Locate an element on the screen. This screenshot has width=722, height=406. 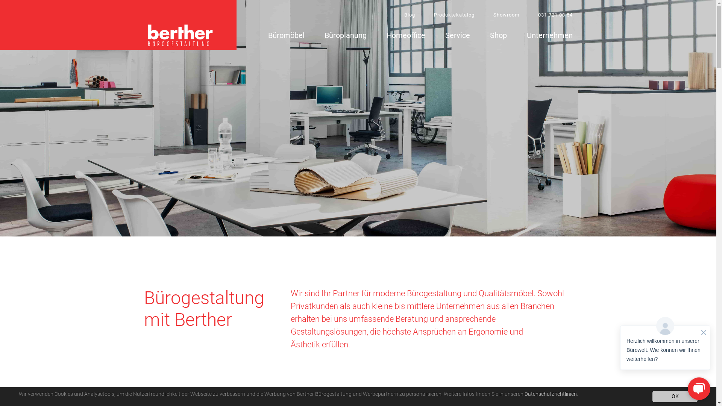
'031 721 08 54' is located at coordinates (555, 15).